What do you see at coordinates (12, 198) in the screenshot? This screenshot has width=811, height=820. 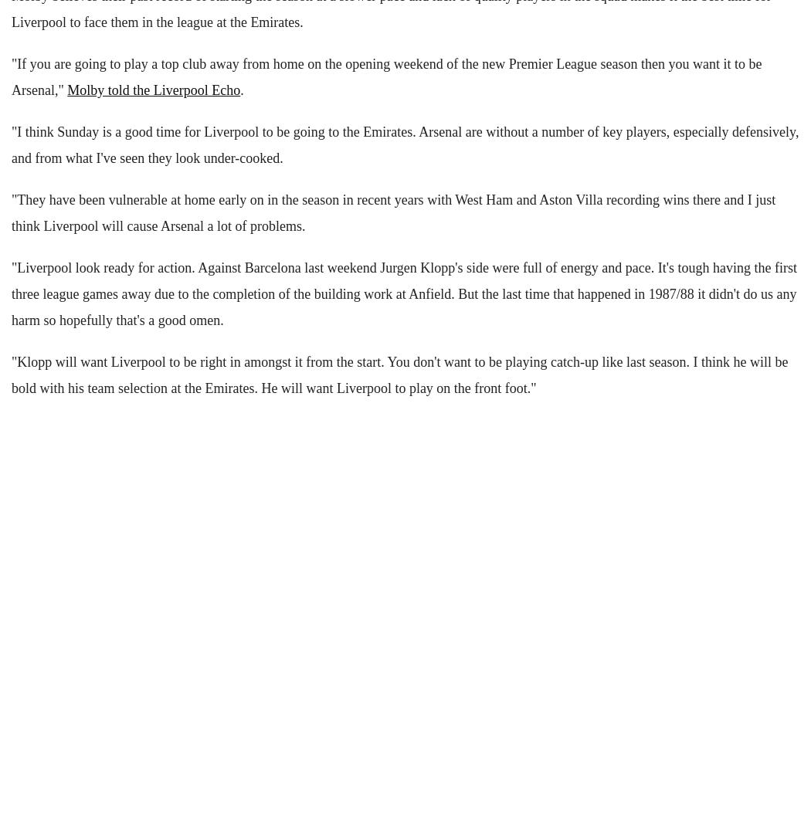 I see `'Personal Finance'` at bounding box center [12, 198].